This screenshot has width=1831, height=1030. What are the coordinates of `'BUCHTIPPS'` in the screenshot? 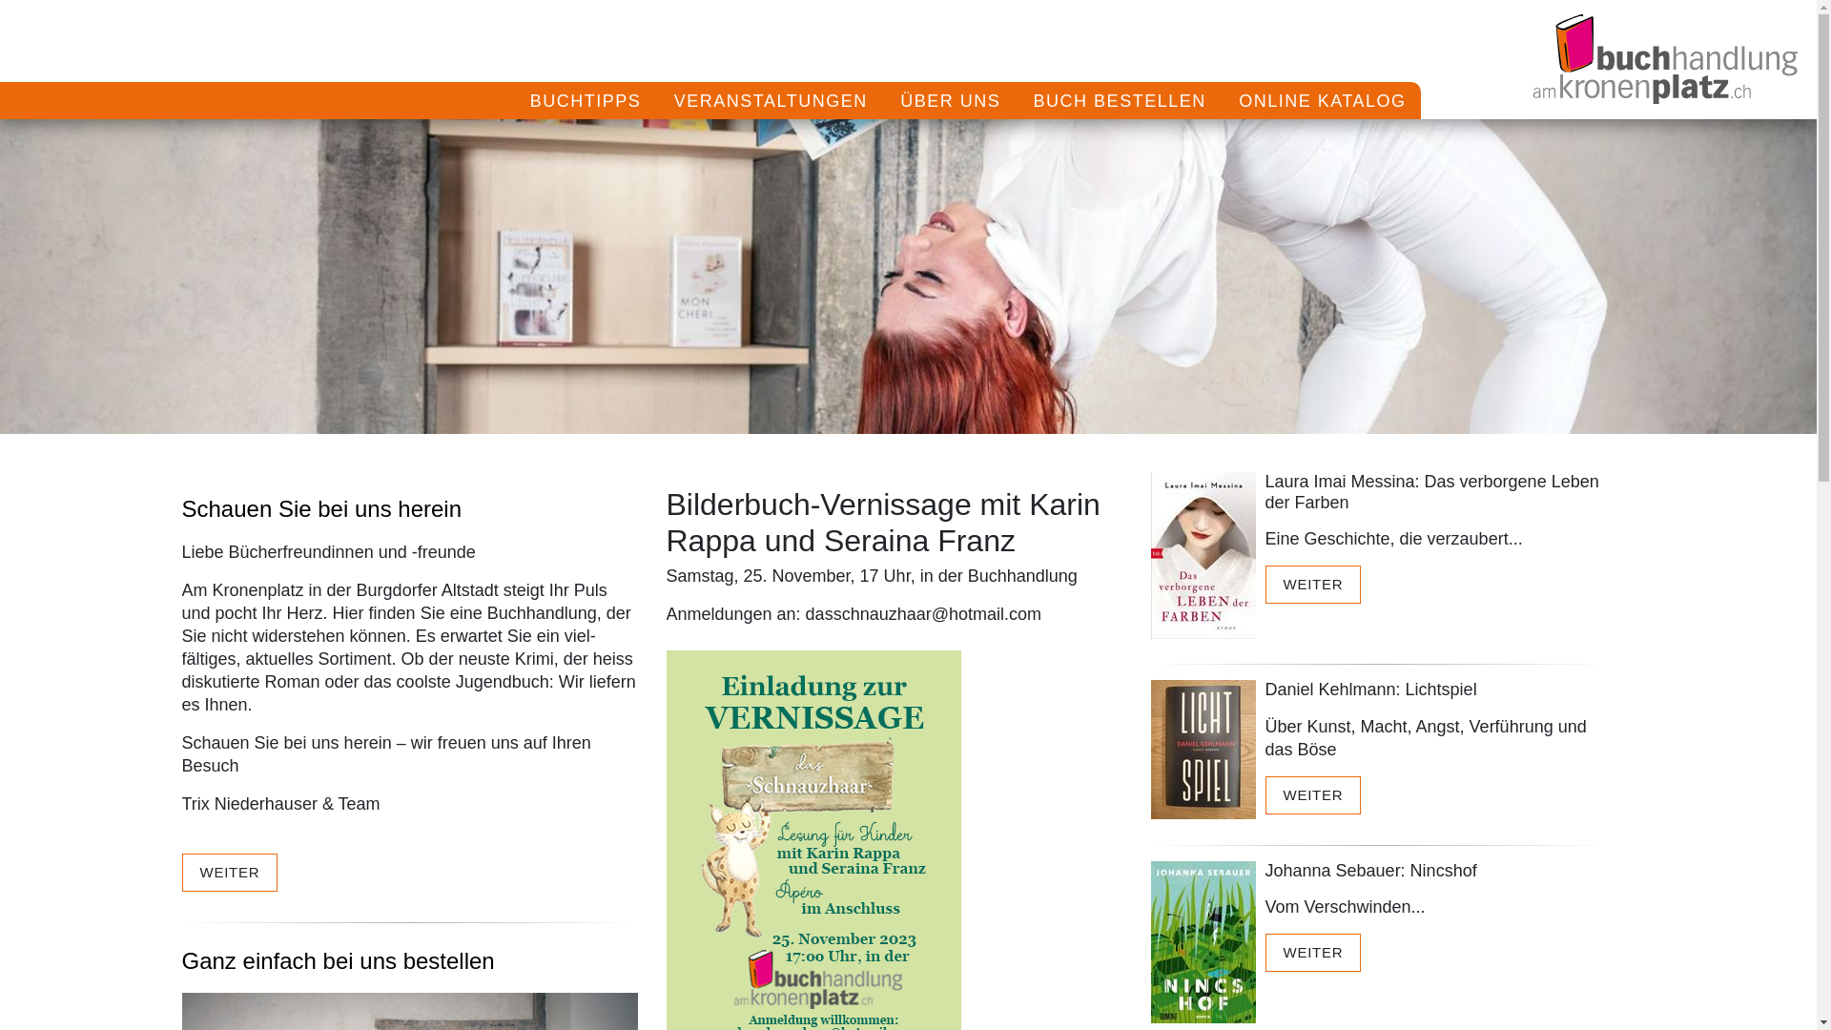 It's located at (585, 100).